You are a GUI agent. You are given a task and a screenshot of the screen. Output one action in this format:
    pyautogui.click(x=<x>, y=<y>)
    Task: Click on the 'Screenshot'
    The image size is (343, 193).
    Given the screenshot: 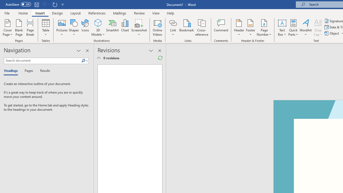 What is the action you would take?
    pyautogui.click(x=139, y=28)
    